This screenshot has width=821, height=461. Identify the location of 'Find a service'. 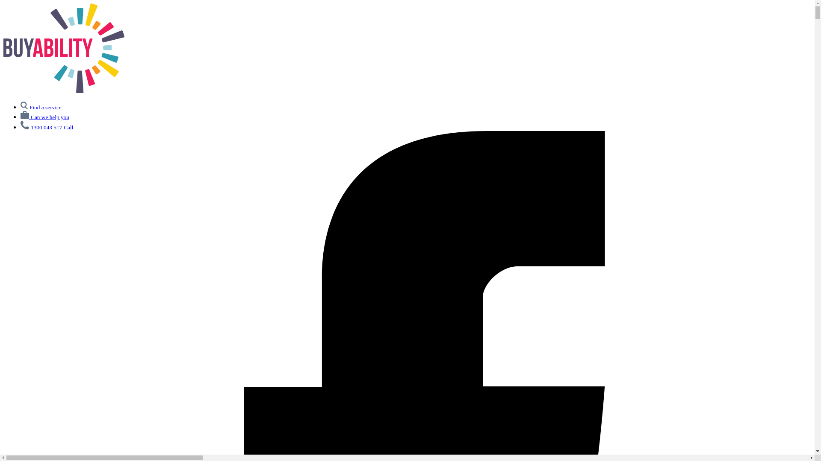
(41, 106).